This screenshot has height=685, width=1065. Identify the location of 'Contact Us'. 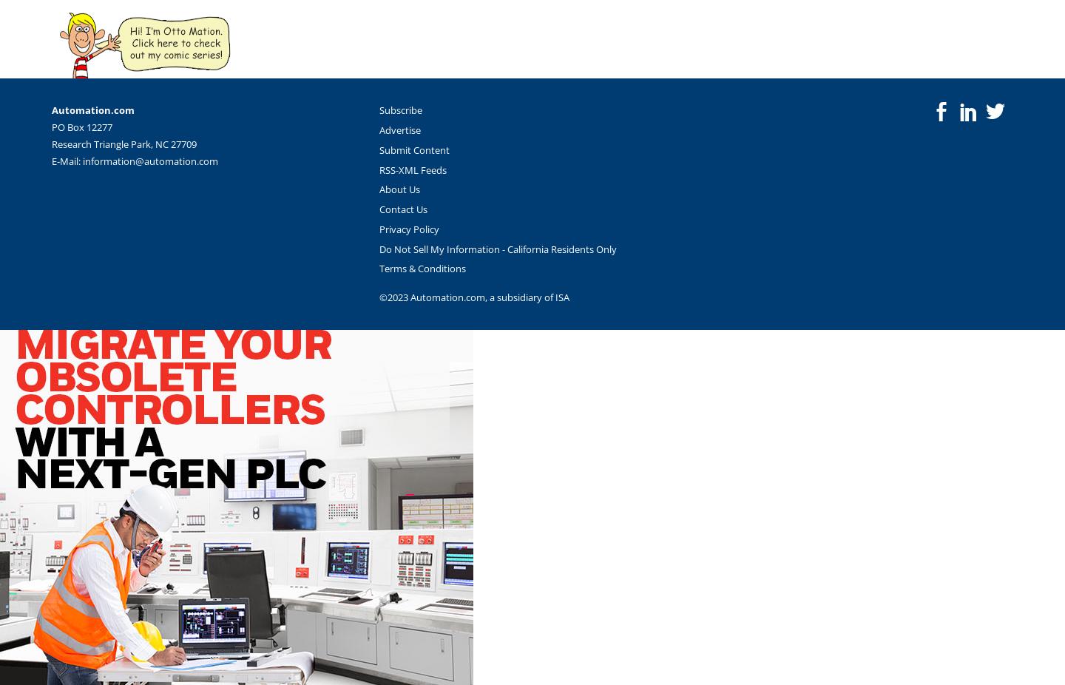
(403, 209).